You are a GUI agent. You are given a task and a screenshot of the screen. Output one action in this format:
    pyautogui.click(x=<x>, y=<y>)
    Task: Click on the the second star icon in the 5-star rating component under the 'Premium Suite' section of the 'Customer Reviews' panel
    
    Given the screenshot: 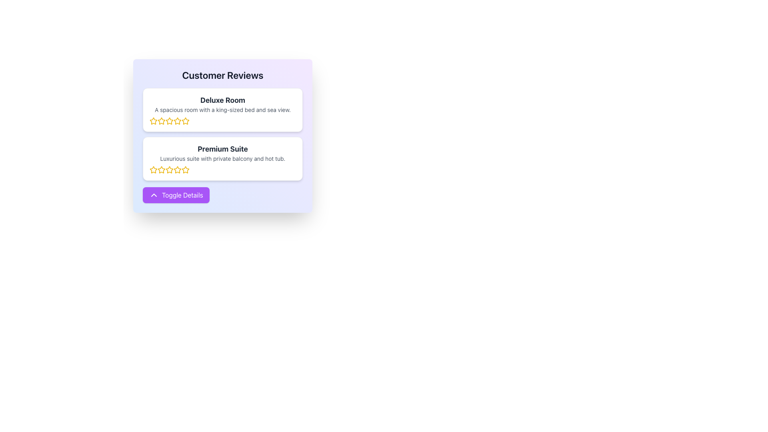 What is the action you would take?
    pyautogui.click(x=169, y=169)
    